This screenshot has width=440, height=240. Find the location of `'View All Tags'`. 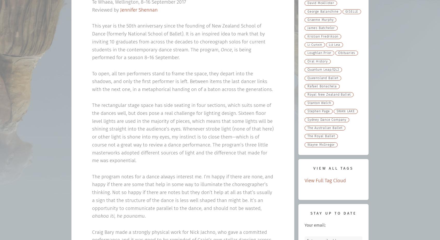

'View All Tags' is located at coordinates (333, 168).